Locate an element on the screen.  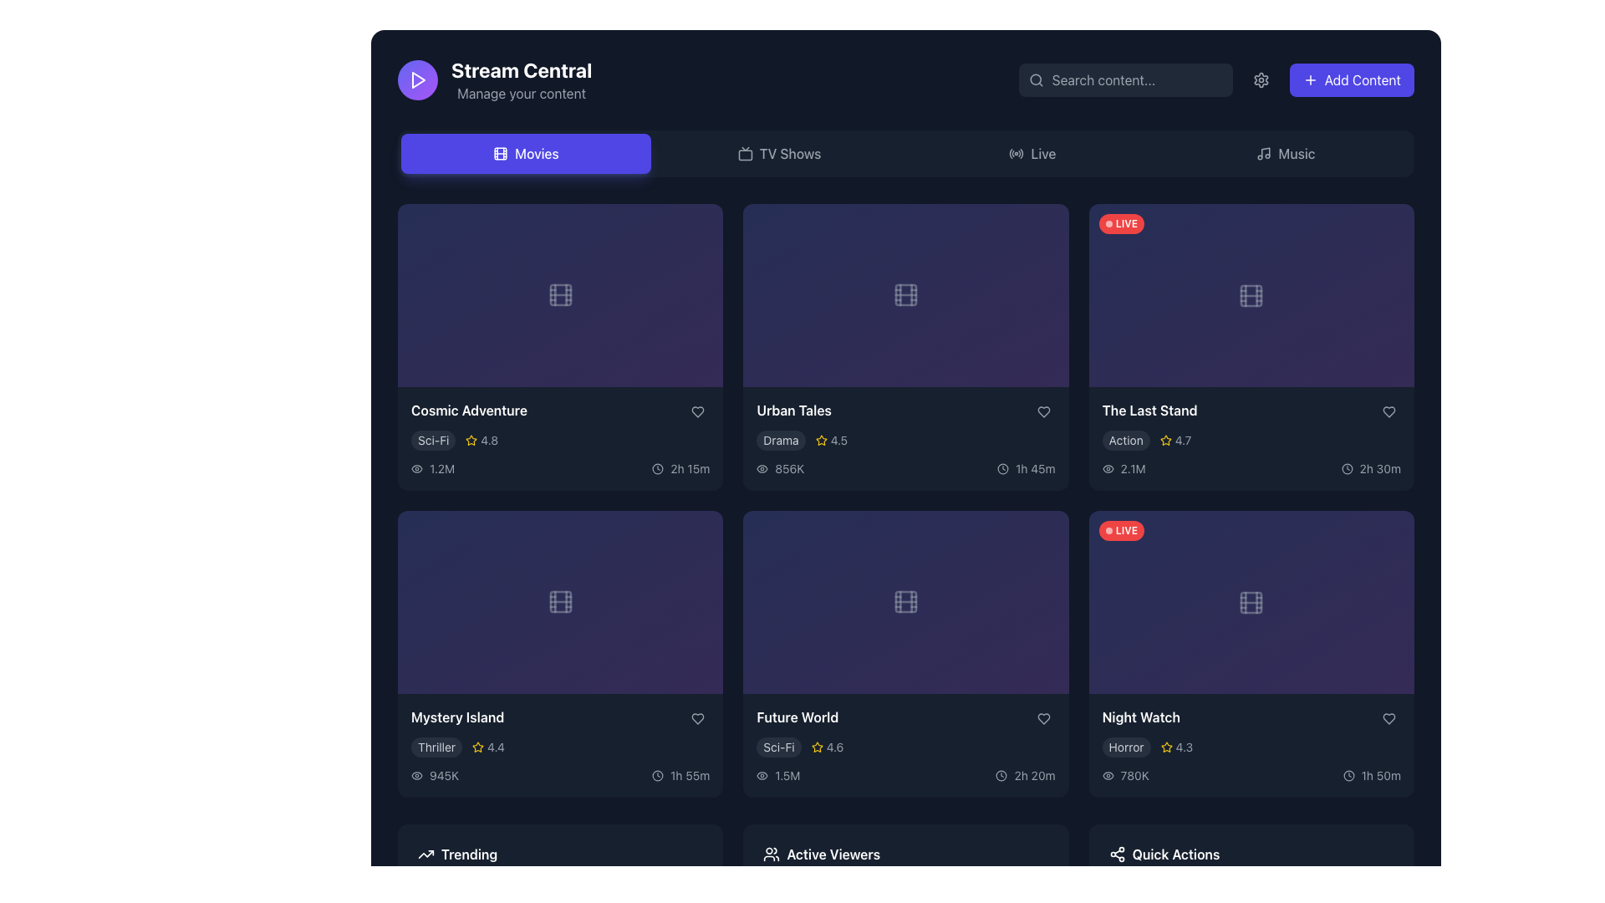
displayed time from the Text label located at the bottom-right of the 'Night Watch' card, positioned to the right of the clock icon is located at coordinates (1381, 776).